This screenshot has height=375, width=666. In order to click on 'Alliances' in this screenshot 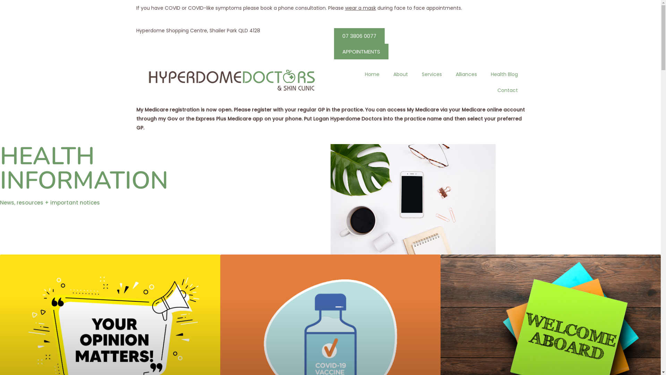, I will do `click(466, 74)`.